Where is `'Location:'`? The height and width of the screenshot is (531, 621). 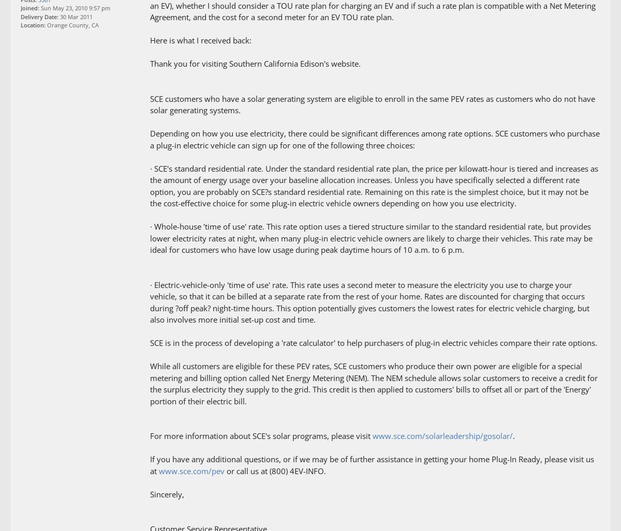
'Location:' is located at coordinates (20, 25).